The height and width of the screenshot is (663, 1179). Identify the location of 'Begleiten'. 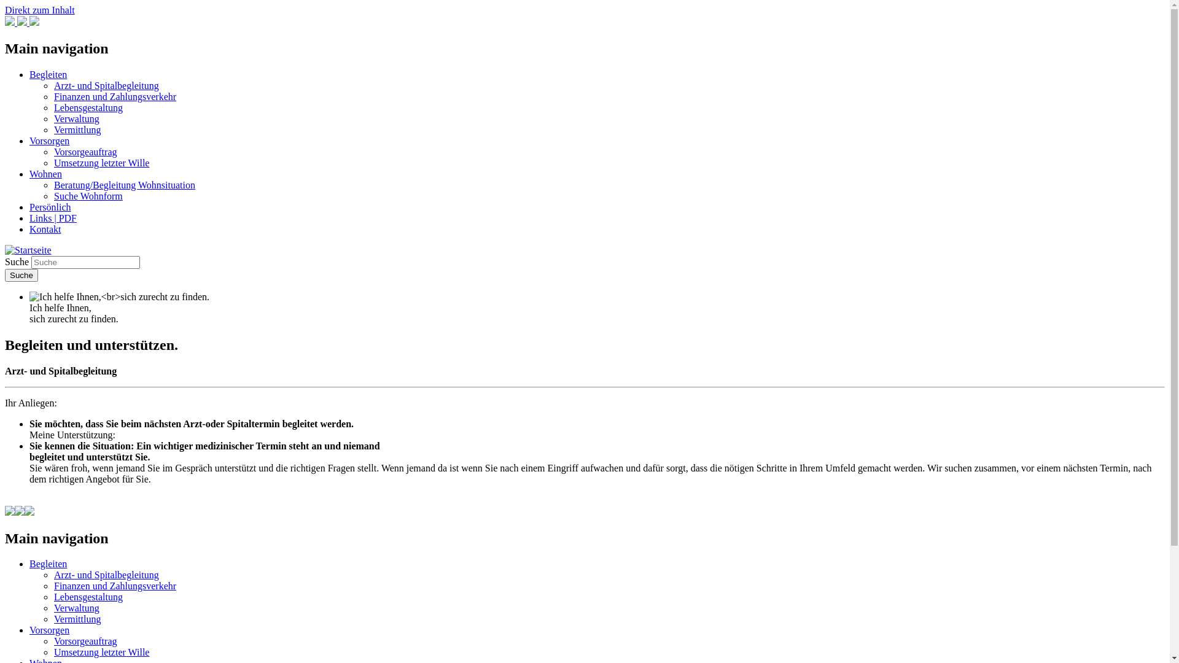
(48, 564).